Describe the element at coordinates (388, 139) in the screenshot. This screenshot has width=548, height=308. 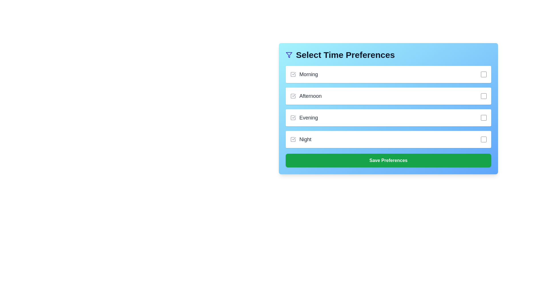
I see `the checkbox component of the fourth selectable list item under 'Select Time Preferences'` at that location.